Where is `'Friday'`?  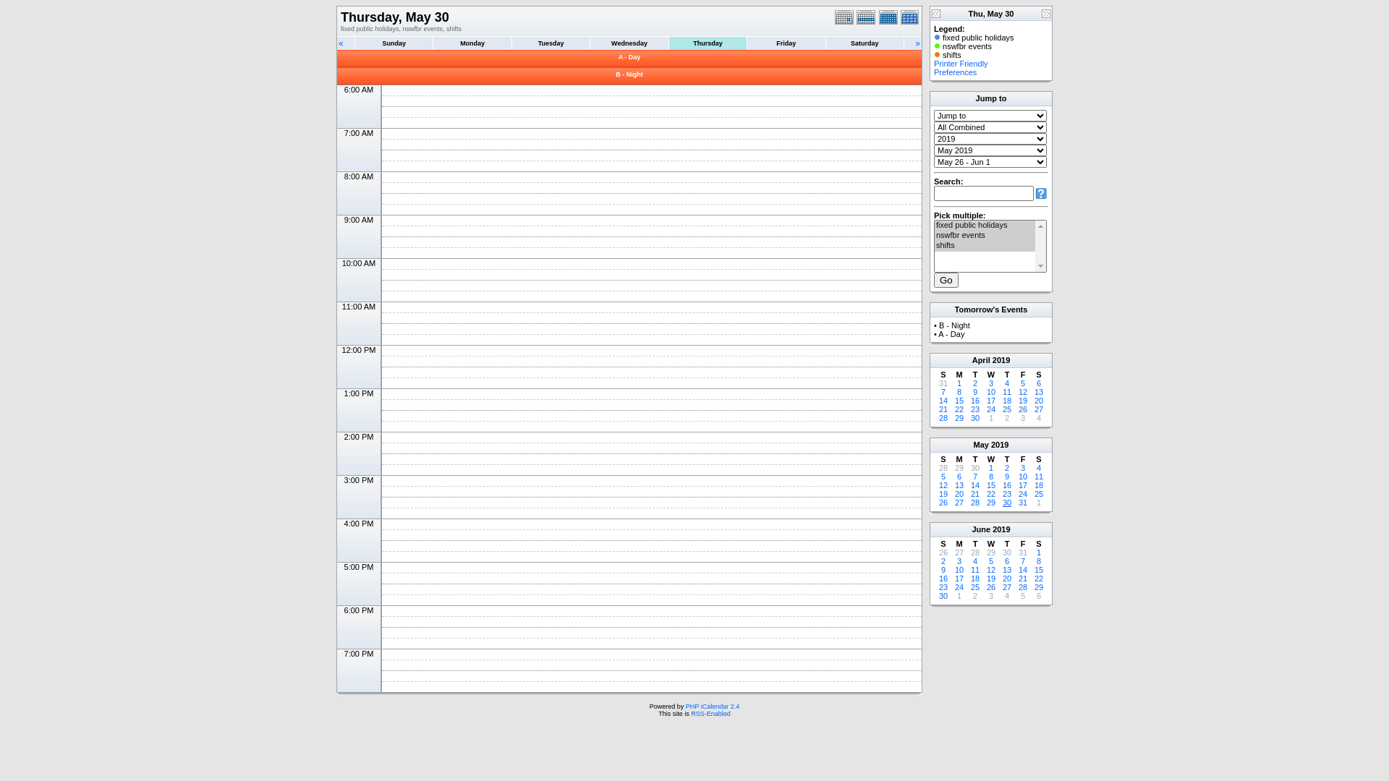
'Friday' is located at coordinates (784, 42).